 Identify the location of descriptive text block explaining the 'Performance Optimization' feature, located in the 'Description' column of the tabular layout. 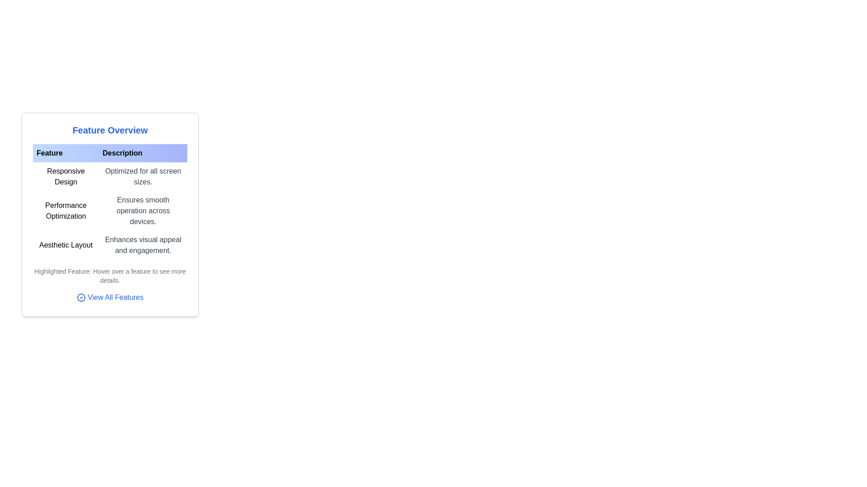
(143, 211).